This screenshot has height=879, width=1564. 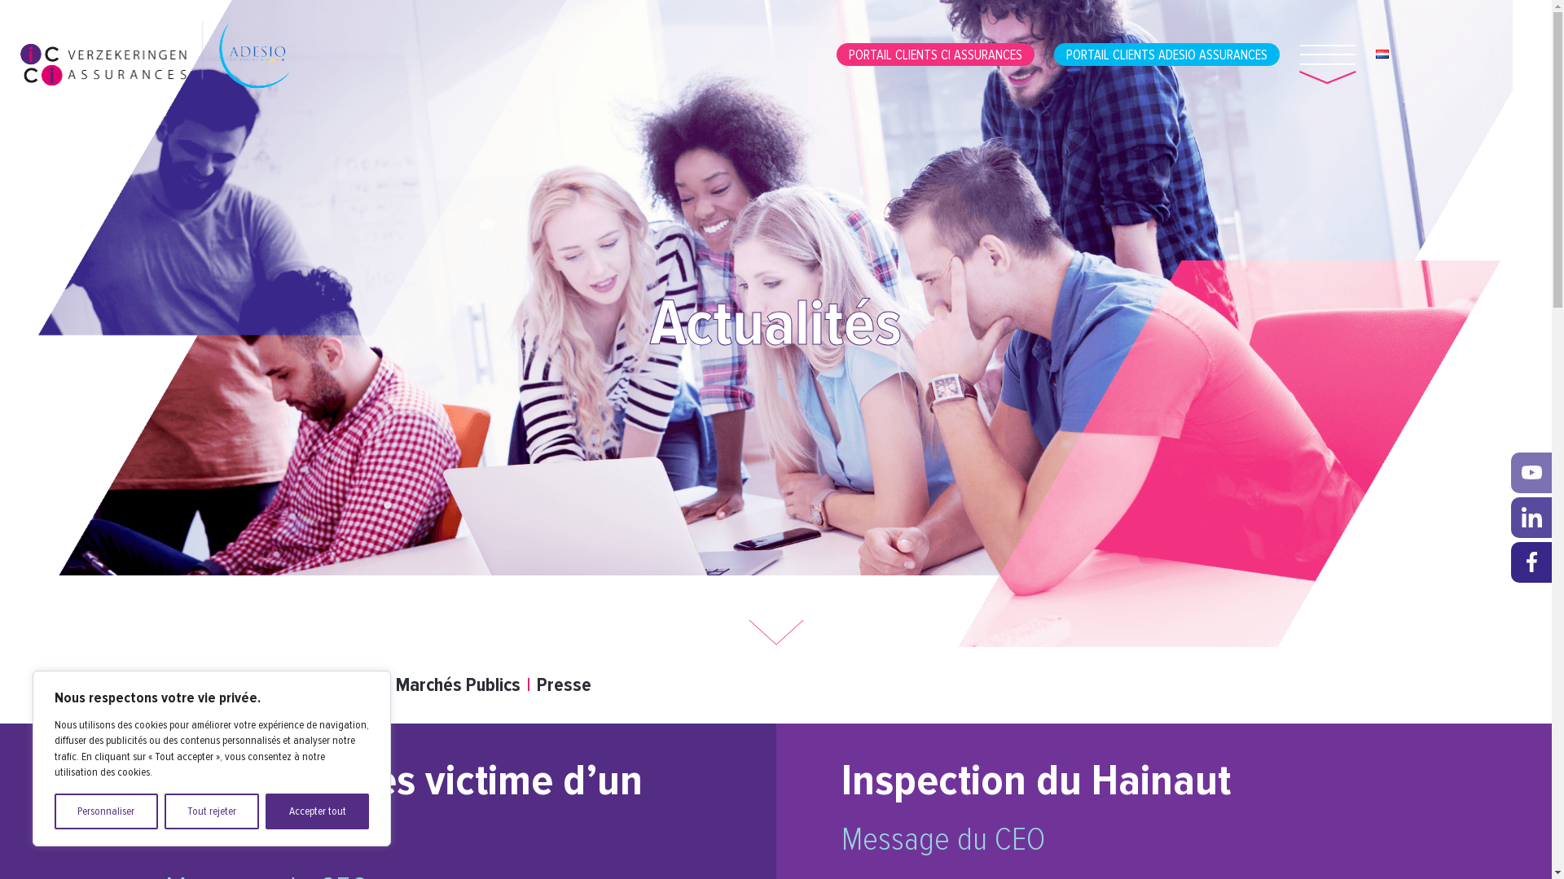 What do you see at coordinates (105, 811) in the screenshot?
I see `'Personnaliser'` at bounding box center [105, 811].